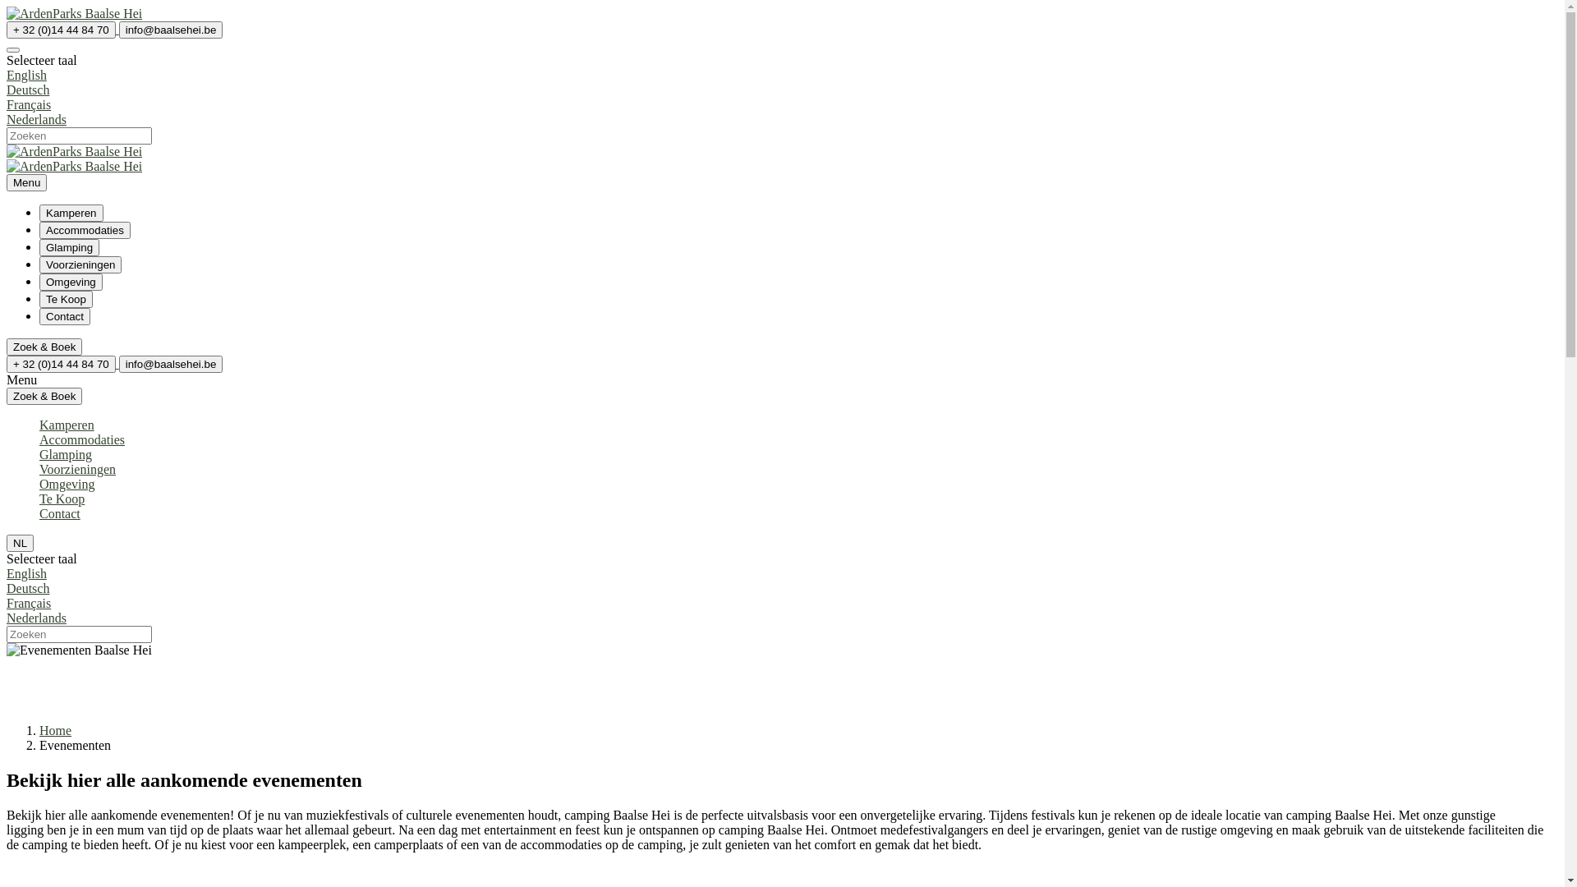 The width and height of the screenshot is (1577, 887). What do you see at coordinates (62, 362) in the screenshot?
I see `'+ 32 (0)14 44 84 70'` at bounding box center [62, 362].